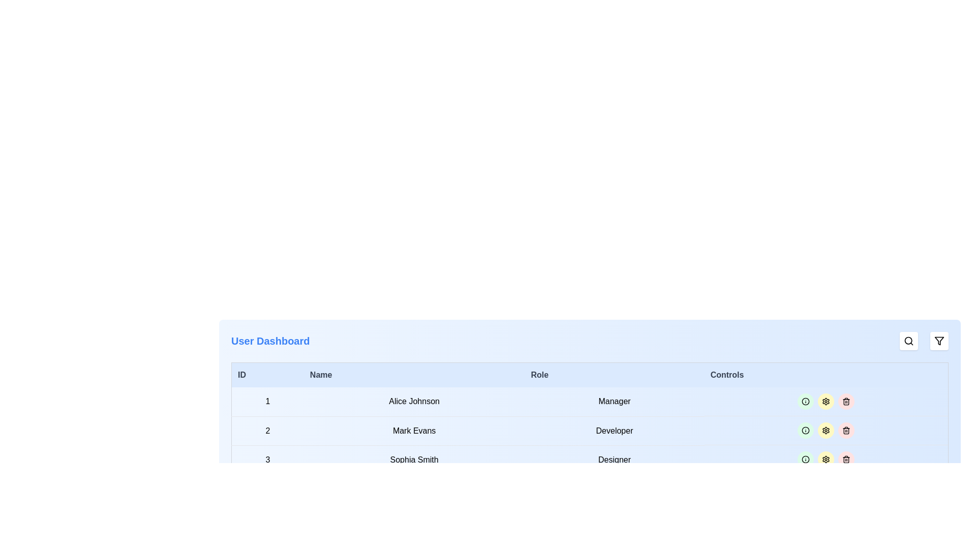 This screenshot has width=976, height=549. I want to click on the circular informational button with a green background and an outlined 'i' symbol, so click(805, 431).